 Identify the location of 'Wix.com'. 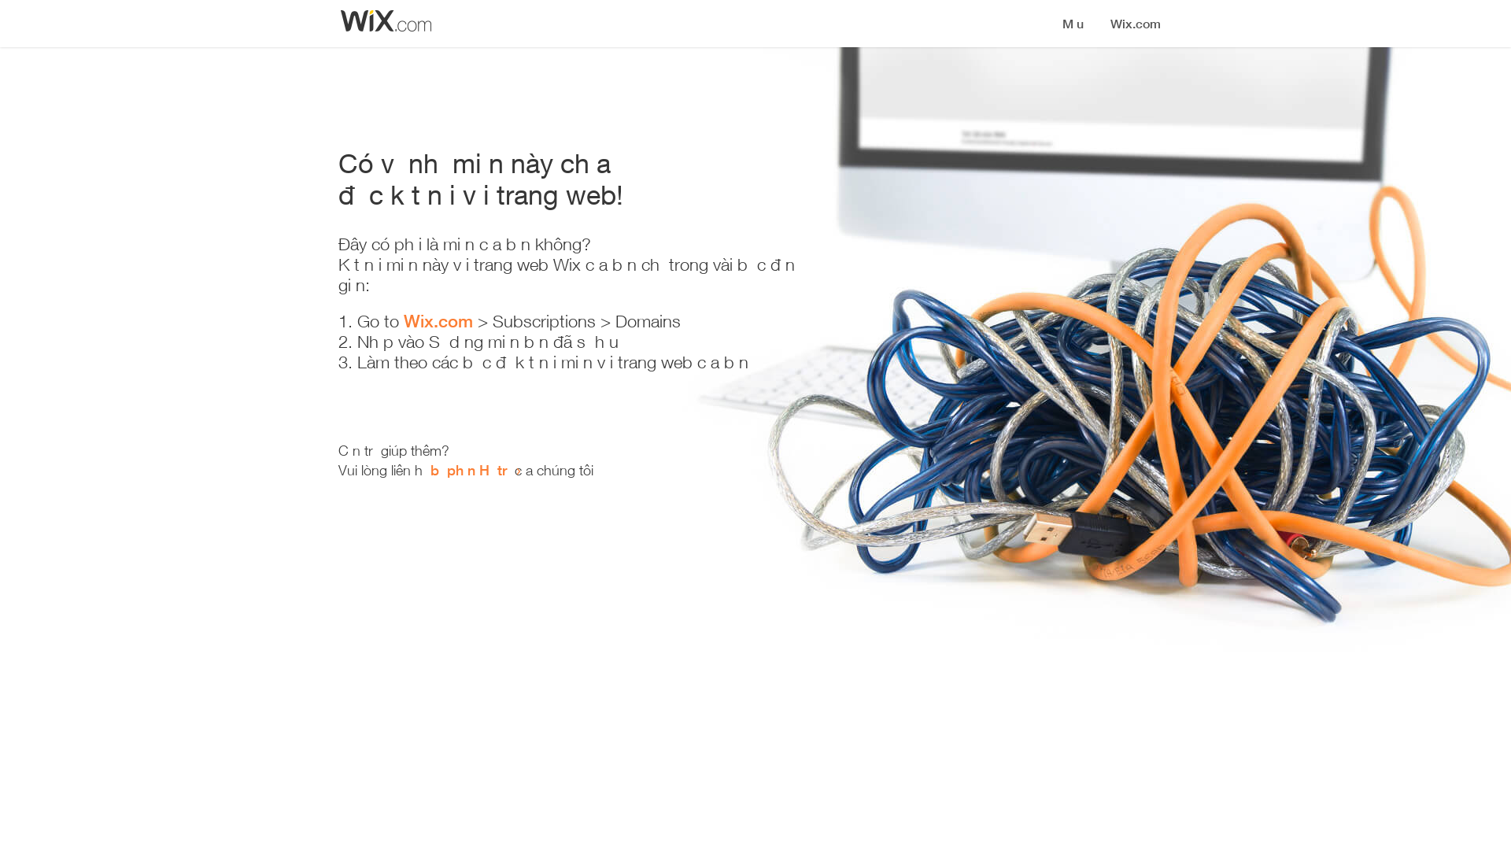
(438, 320).